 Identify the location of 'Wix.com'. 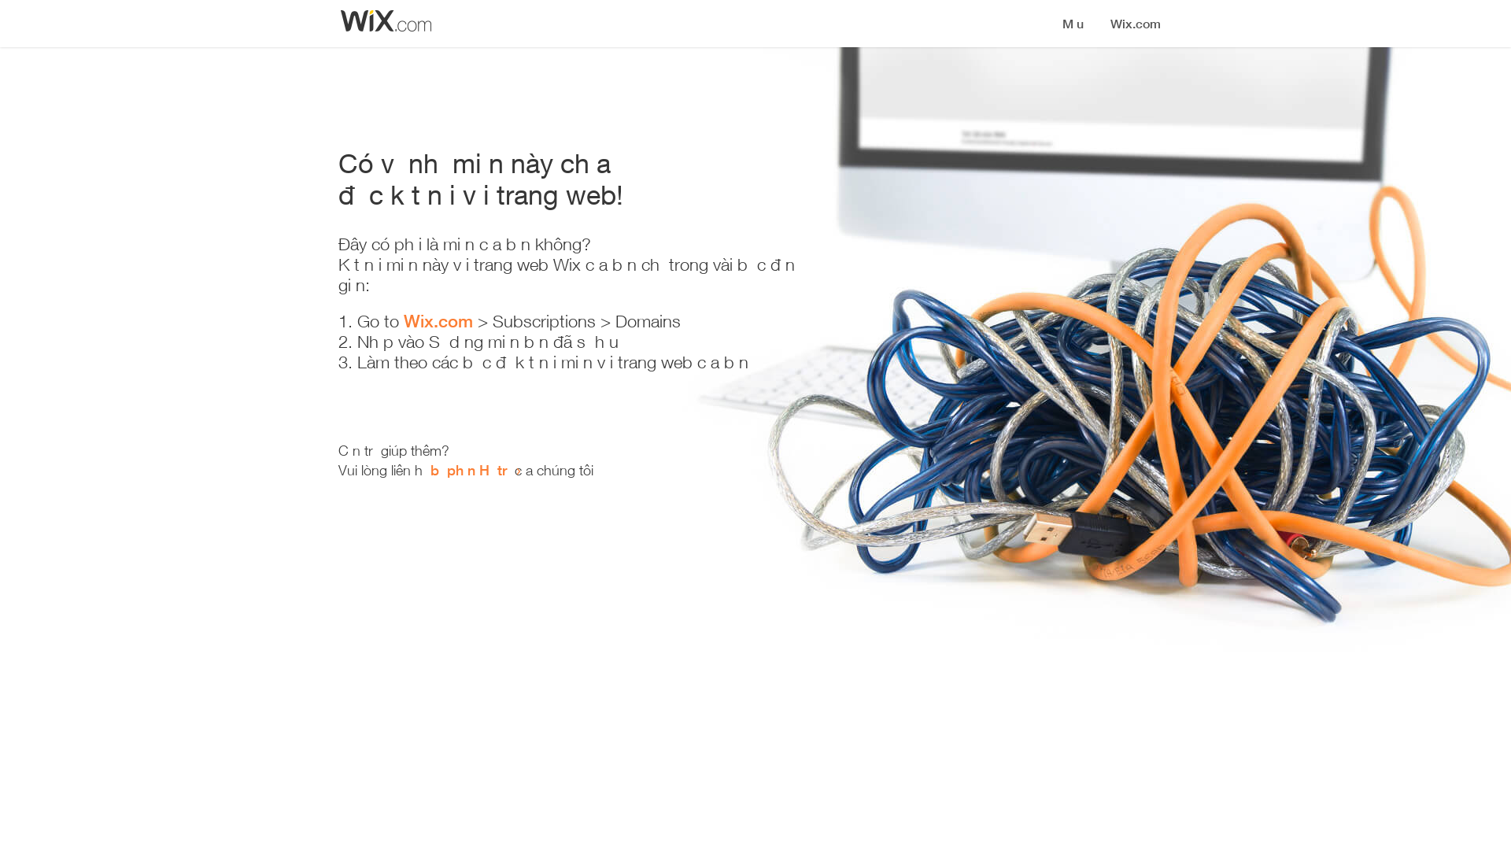
(438, 320).